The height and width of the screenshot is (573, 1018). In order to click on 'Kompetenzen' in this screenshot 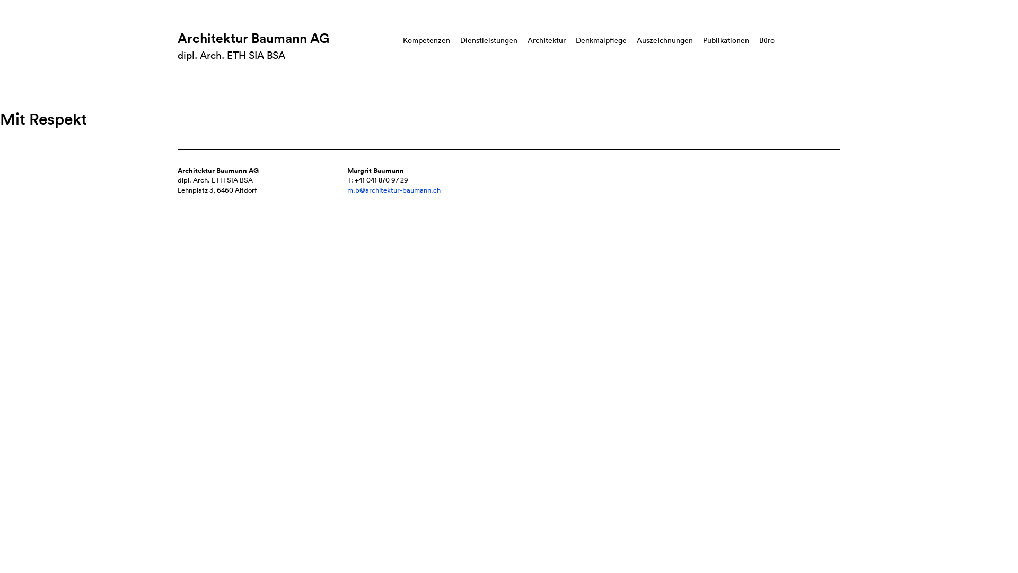, I will do `click(426, 40)`.